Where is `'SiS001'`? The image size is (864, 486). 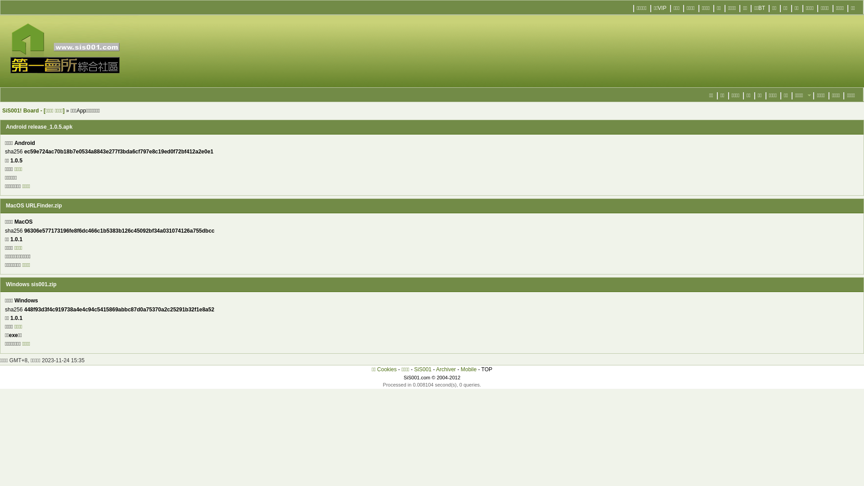
'SiS001' is located at coordinates (422, 369).